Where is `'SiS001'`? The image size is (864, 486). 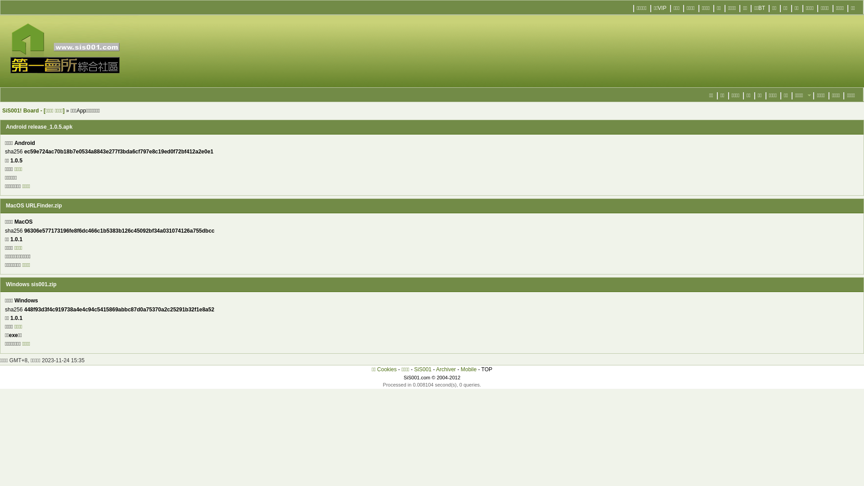
'SiS001' is located at coordinates (422, 369).